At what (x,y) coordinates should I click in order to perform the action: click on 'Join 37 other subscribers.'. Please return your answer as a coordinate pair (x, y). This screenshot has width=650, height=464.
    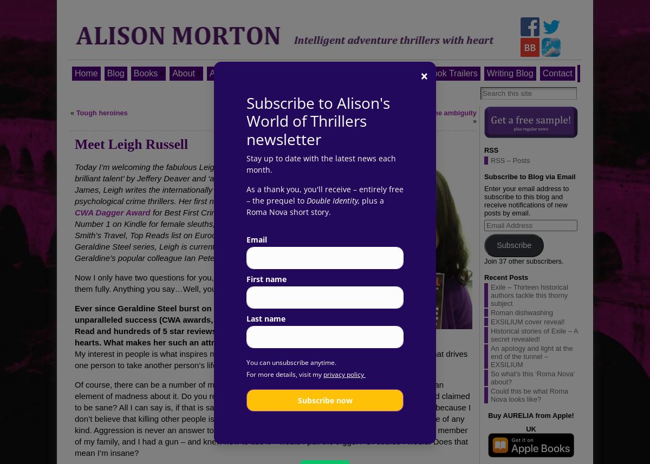
    Looking at the image, I should click on (484, 260).